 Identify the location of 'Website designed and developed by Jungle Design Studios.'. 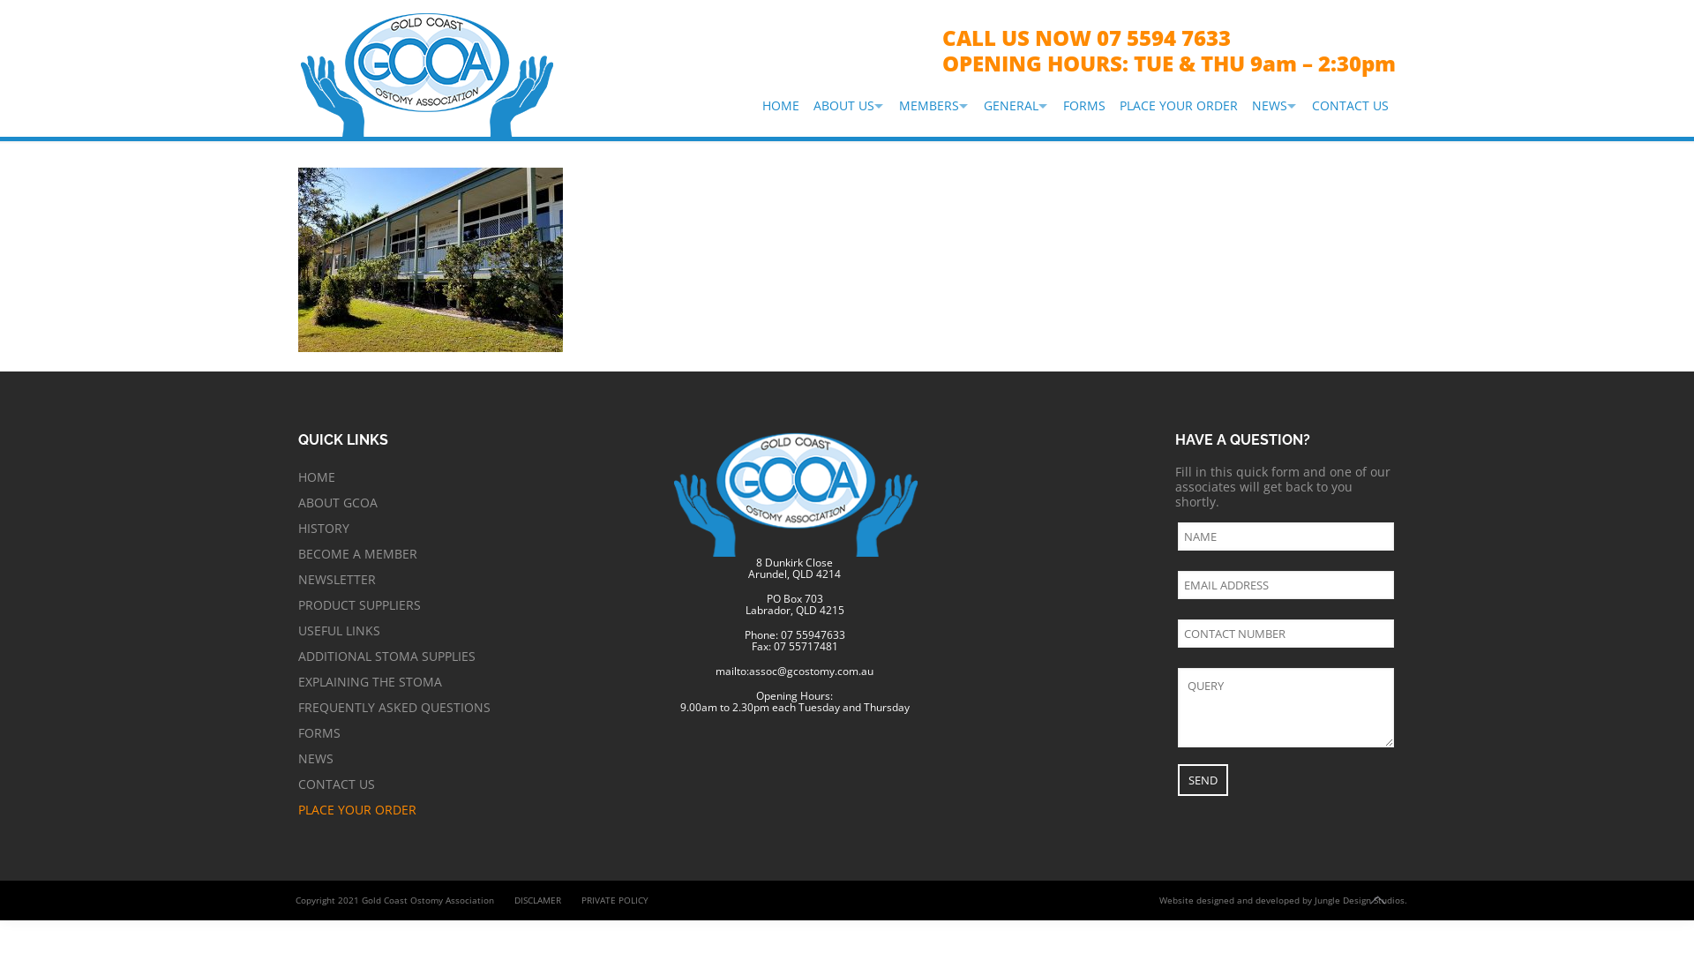
(1283, 899).